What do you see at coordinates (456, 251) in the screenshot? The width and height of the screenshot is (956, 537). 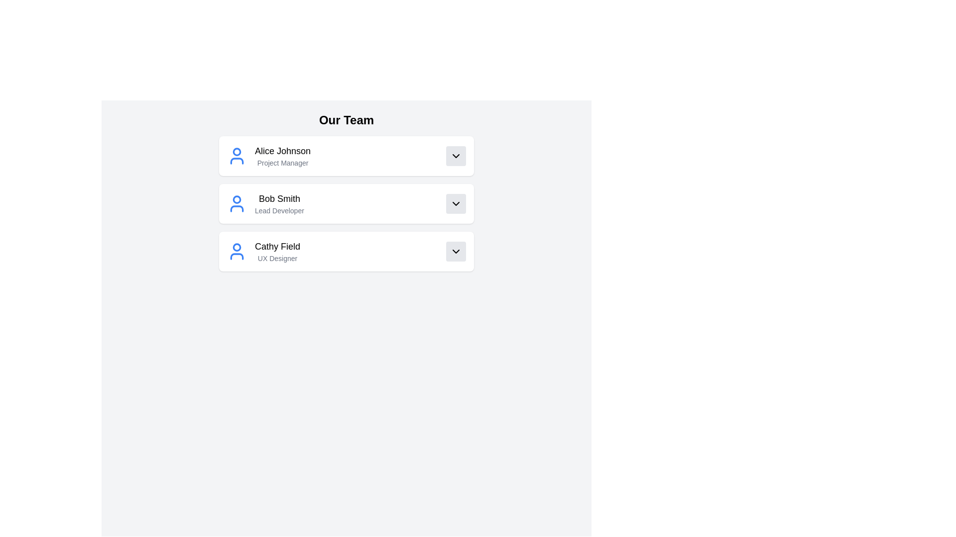 I see `the dropdown button located at the far right of the row containing 'Cathy Field's' profile` at bounding box center [456, 251].